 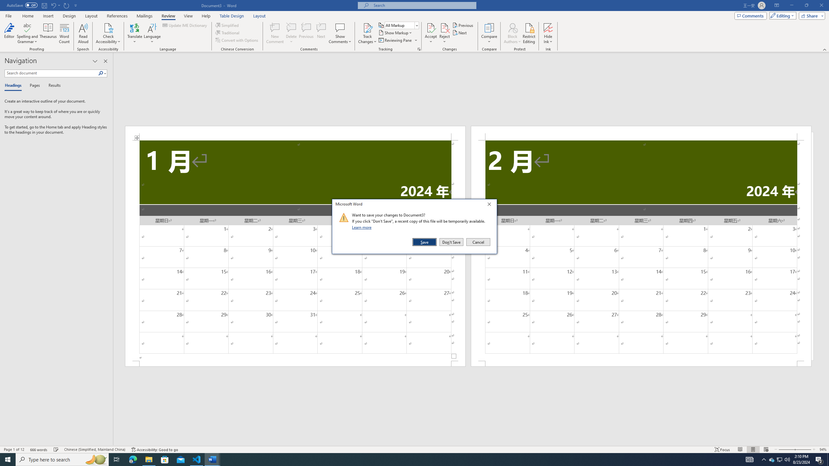 I want to click on 'Footer -Section 1-', so click(x=295, y=363).